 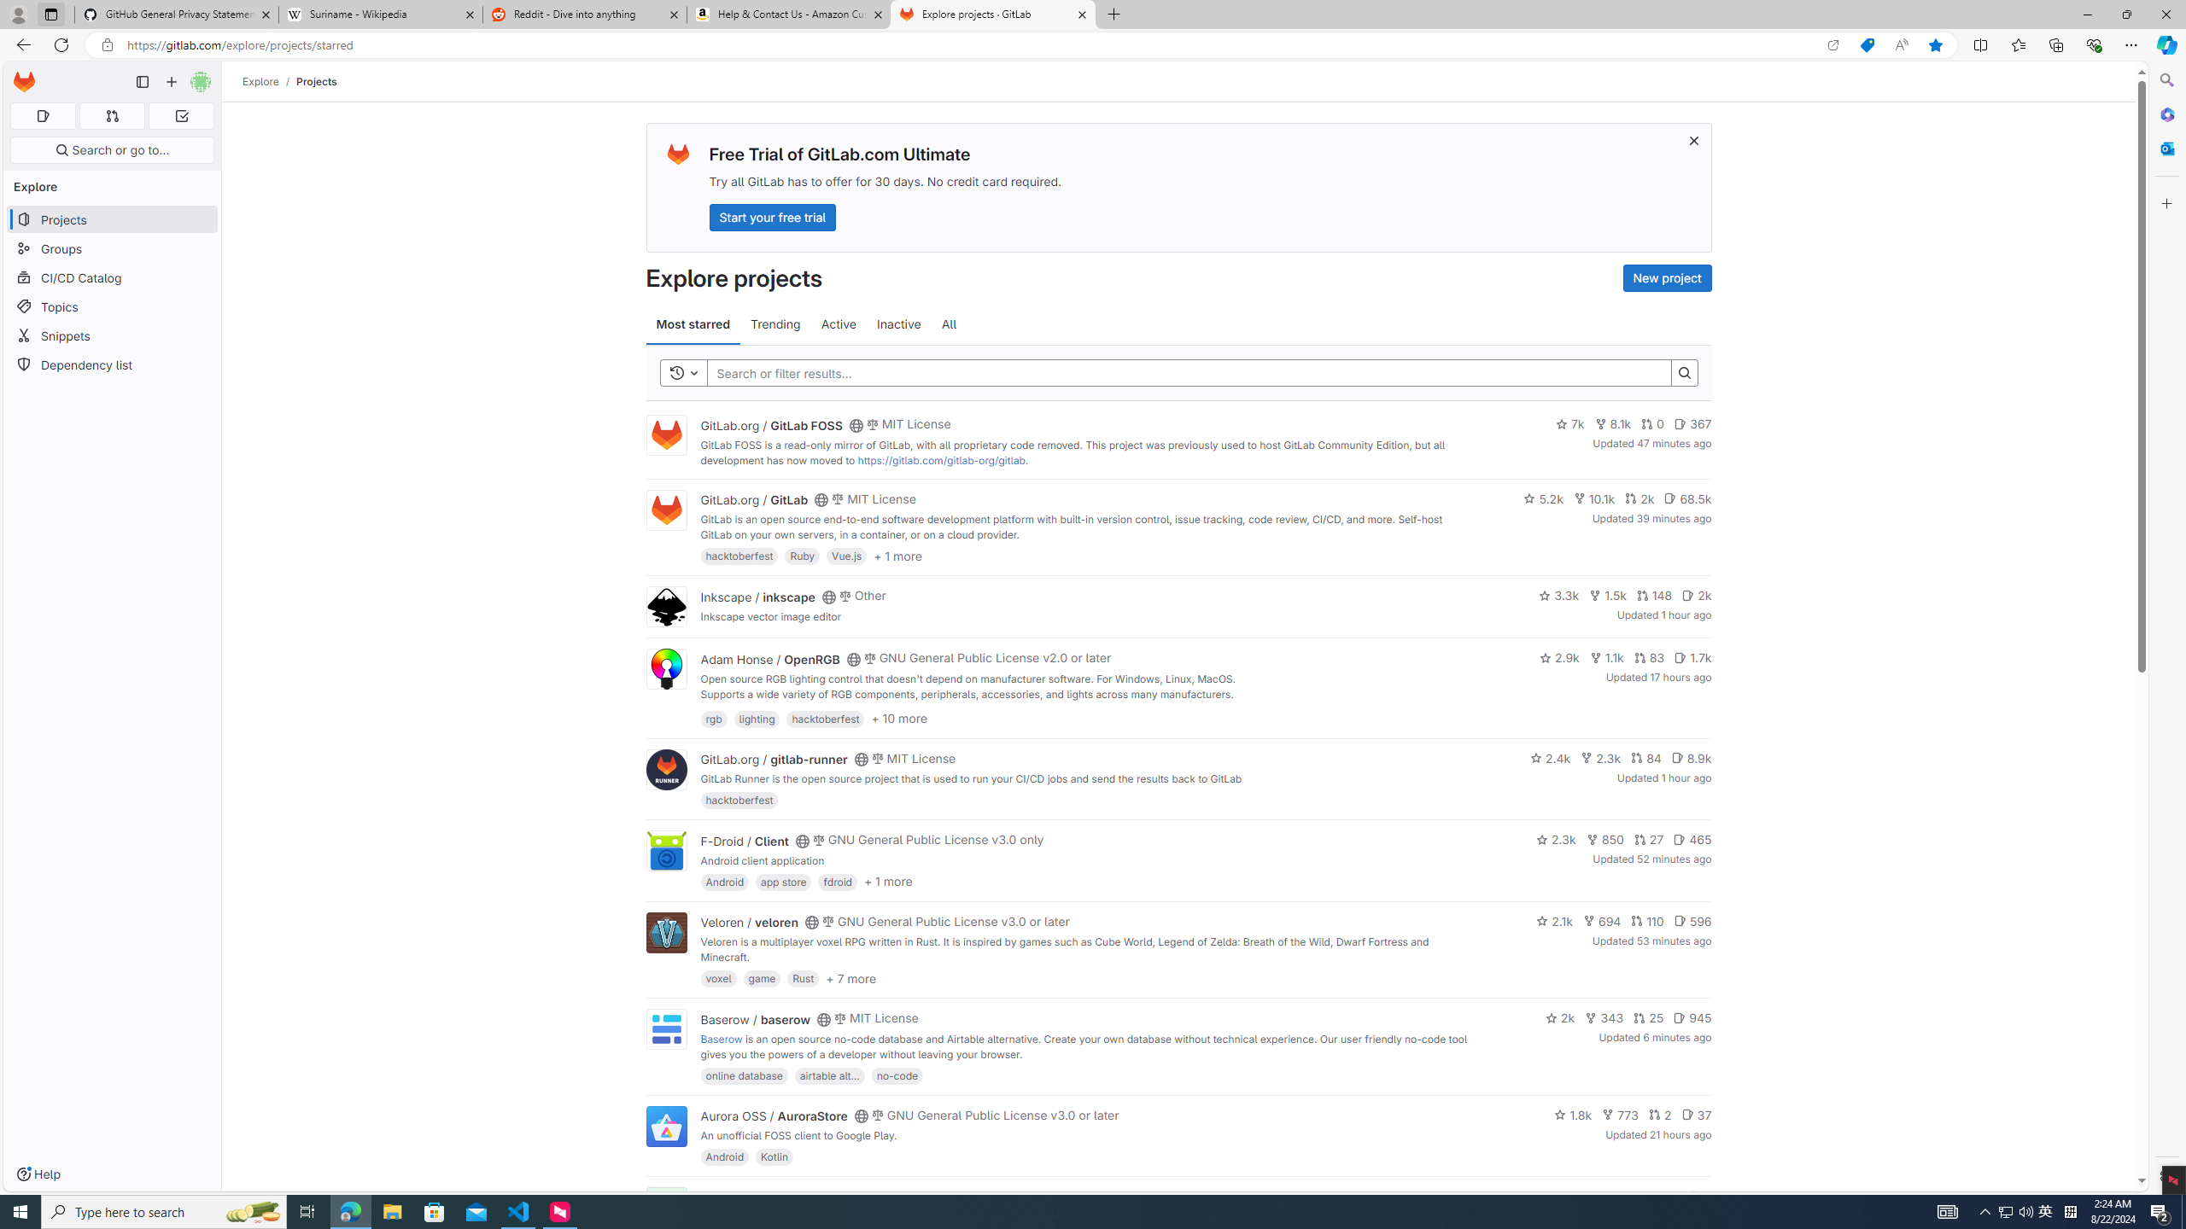 What do you see at coordinates (775, 323) in the screenshot?
I see `'Trending'` at bounding box center [775, 323].